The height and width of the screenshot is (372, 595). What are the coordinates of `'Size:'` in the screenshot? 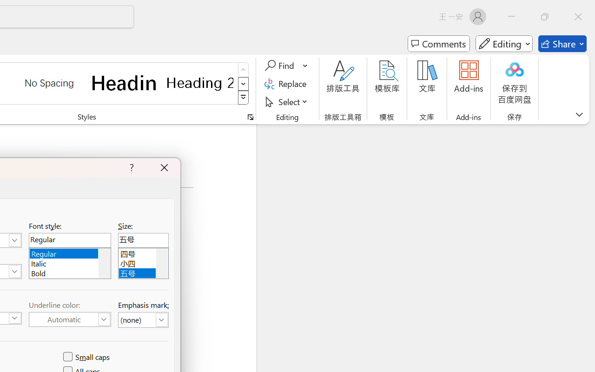 It's located at (143, 239).